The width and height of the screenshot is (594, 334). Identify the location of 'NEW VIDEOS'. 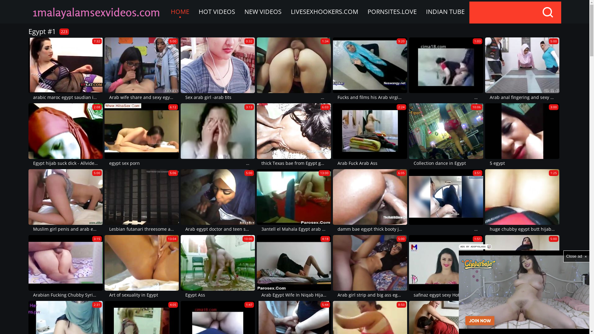
(263, 12).